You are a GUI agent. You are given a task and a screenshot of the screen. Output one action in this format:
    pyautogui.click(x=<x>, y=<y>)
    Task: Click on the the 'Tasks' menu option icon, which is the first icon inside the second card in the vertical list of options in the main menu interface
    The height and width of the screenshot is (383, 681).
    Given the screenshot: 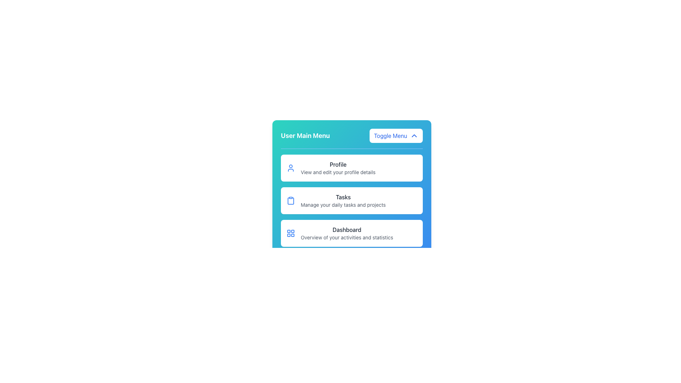 What is the action you would take?
    pyautogui.click(x=291, y=201)
    